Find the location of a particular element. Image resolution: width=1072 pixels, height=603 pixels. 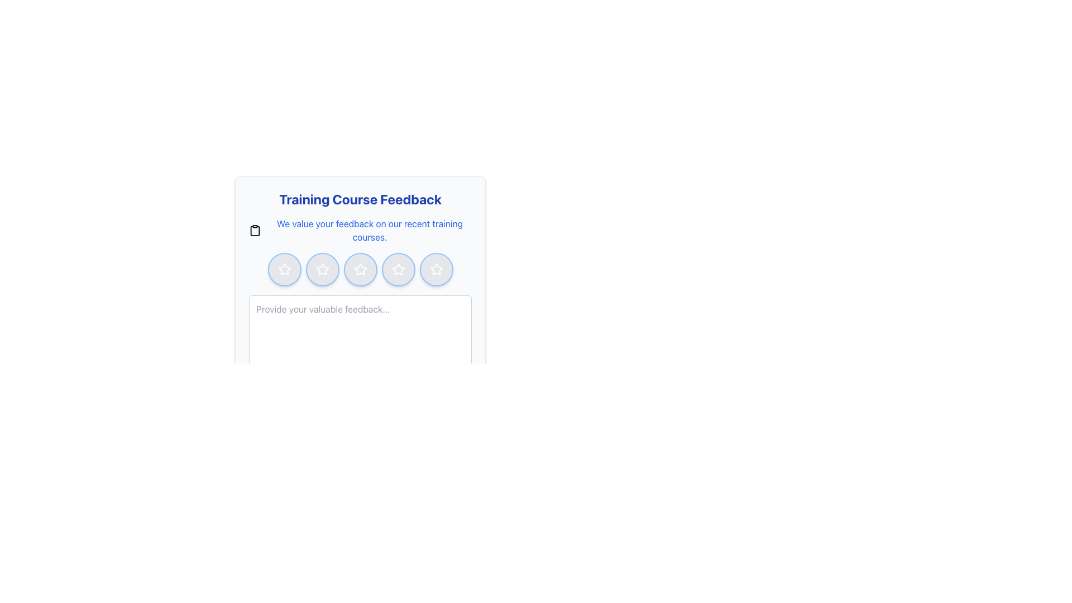

the icon located to the left of the text 'We value your feedback on our recent training courses.' is located at coordinates (254, 229).